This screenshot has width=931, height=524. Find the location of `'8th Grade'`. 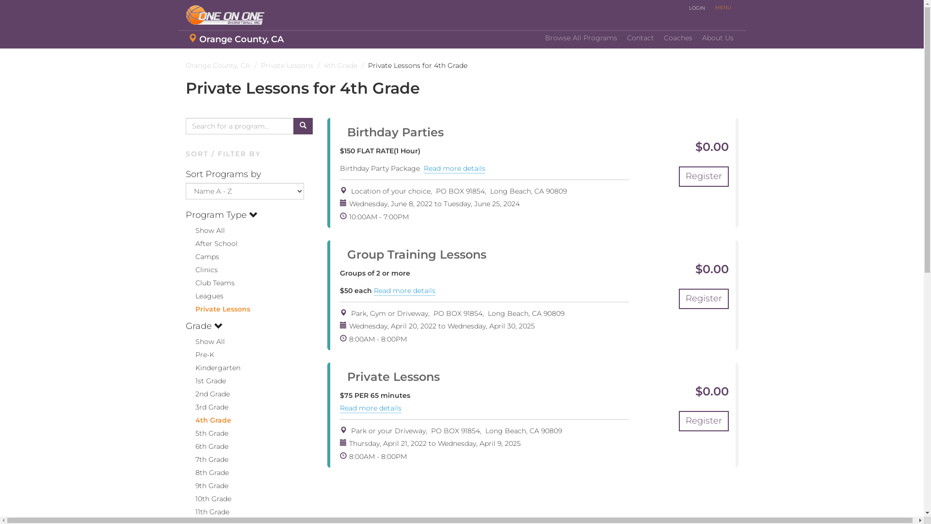

'8th Grade' is located at coordinates (206, 472).